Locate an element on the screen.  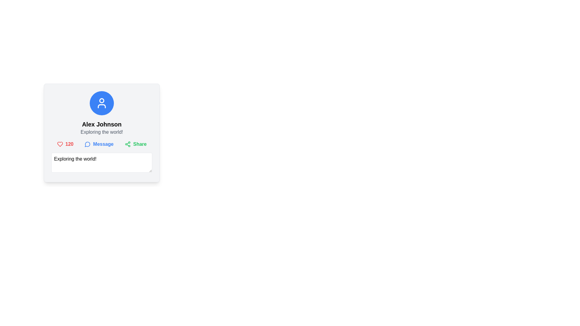
the heart icon to like or unlike the associated content in the card layout is located at coordinates (60, 144).